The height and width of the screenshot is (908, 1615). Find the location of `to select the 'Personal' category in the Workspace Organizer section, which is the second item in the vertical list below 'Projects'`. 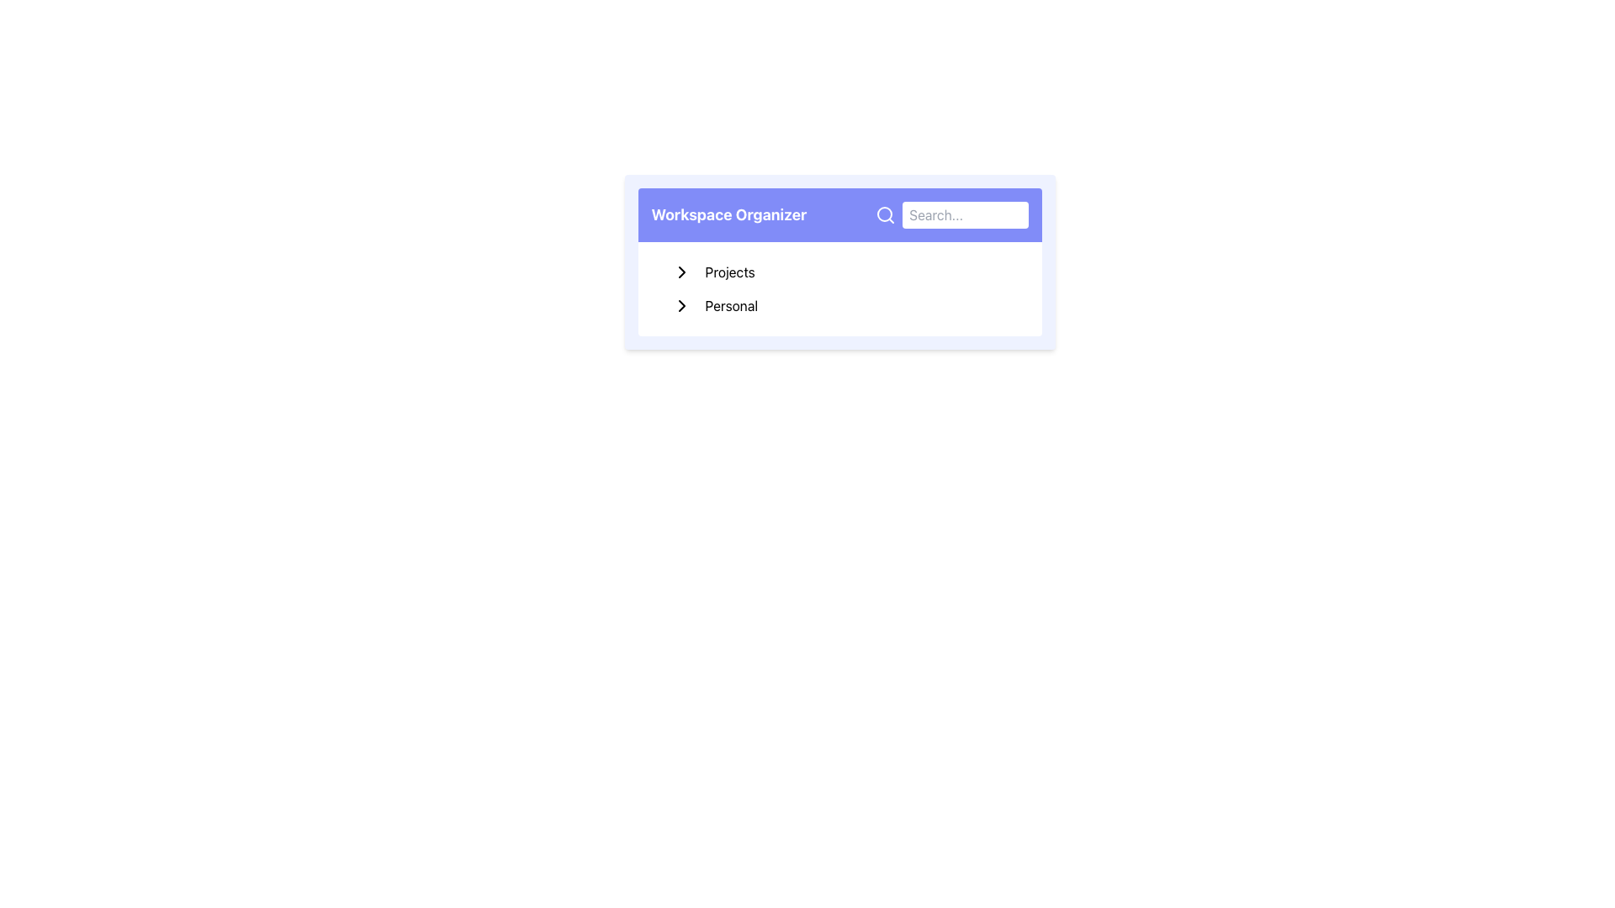

to select the 'Personal' category in the Workspace Organizer section, which is the second item in the vertical list below 'Projects' is located at coordinates (839, 305).